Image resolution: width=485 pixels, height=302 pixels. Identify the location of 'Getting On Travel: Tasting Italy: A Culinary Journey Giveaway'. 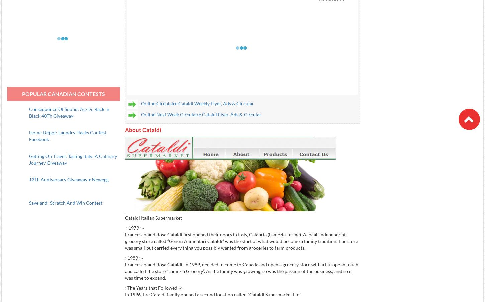
(29, 159).